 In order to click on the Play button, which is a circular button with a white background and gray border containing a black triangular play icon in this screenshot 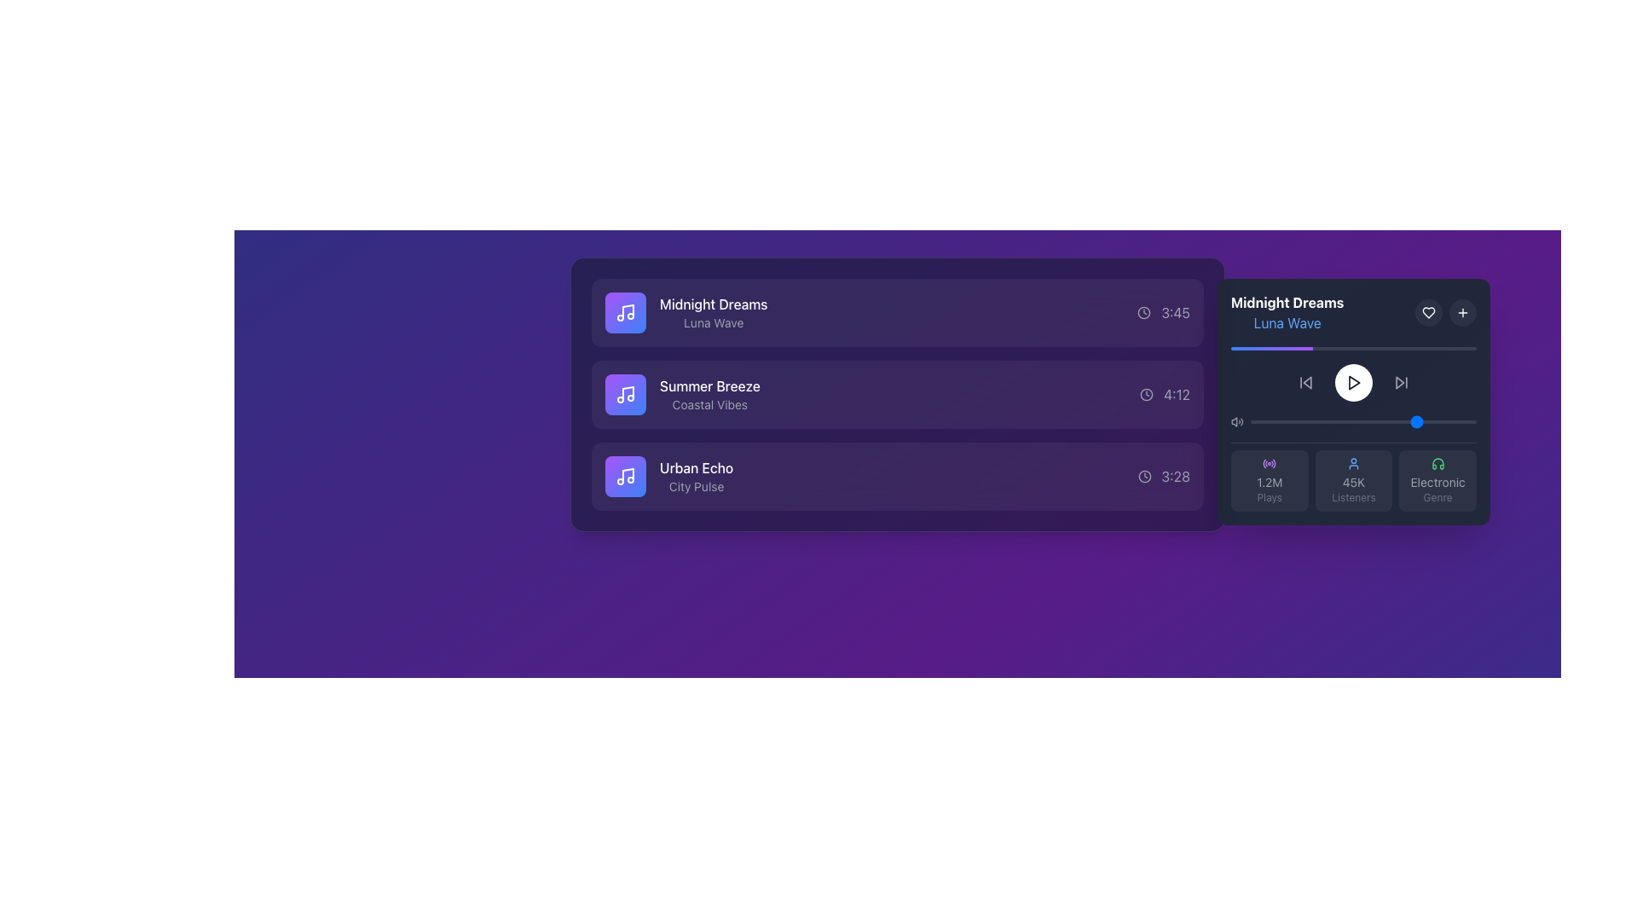, I will do `click(1353, 381)`.